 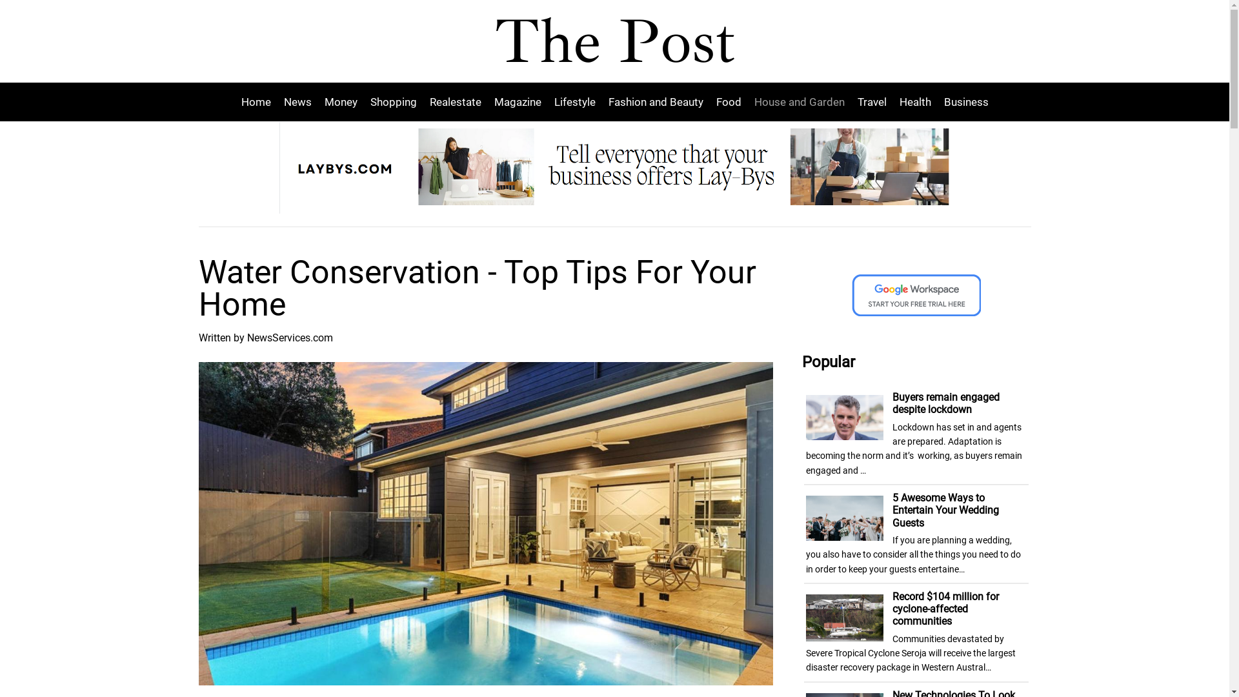 What do you see at coordinates (945, 509) in the screenshot?
I see `'5 Awesome Ways to Entertain Your Wedding Guests'` at bounding box center [945, 509].